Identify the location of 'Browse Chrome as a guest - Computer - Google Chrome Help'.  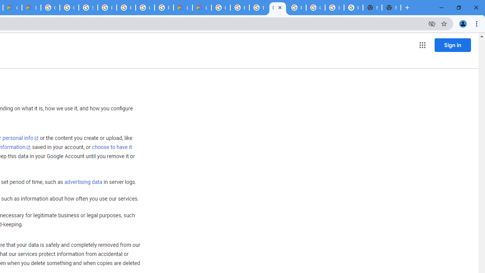
(239, 8).